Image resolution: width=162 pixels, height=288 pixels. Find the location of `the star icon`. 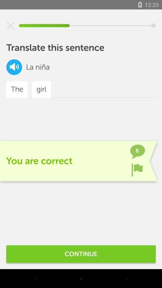

the star icon is located at coordinates (10, 25).